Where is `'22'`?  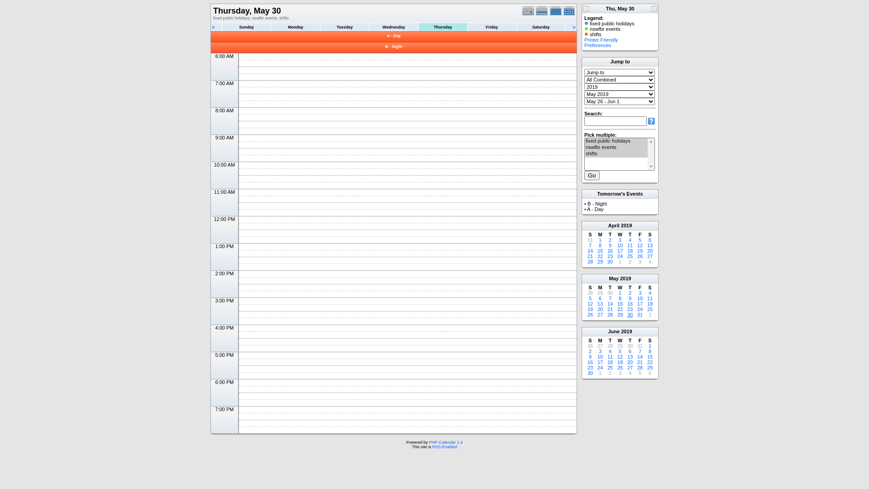 '22' is located at coordinates (600, 256).